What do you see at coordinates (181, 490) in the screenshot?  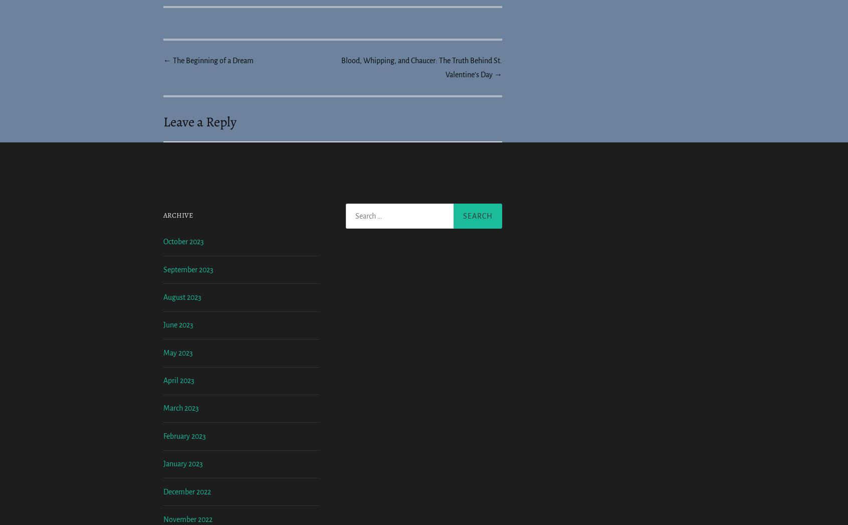 I see `'March 2023'` at bounding box center [181, 490].